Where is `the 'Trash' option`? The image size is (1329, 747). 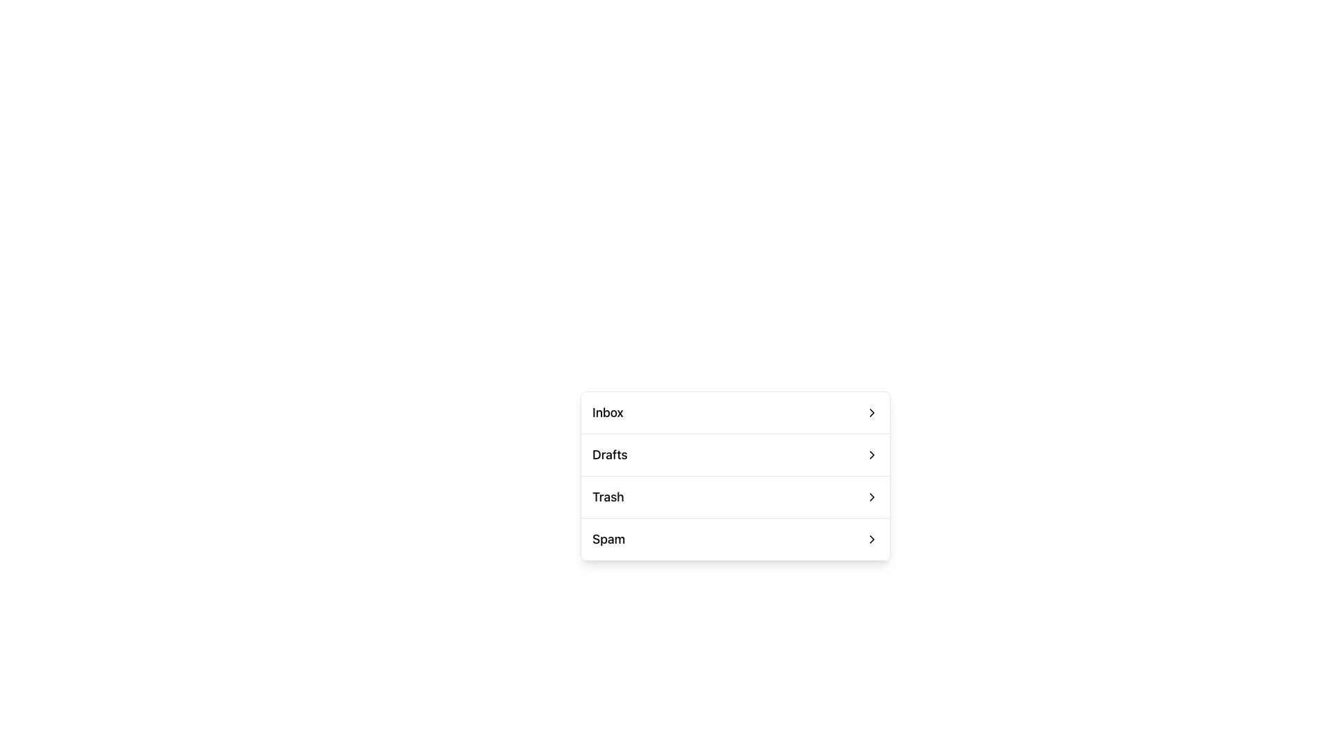 the 'Trash' option is located at coordinates (734, 475).